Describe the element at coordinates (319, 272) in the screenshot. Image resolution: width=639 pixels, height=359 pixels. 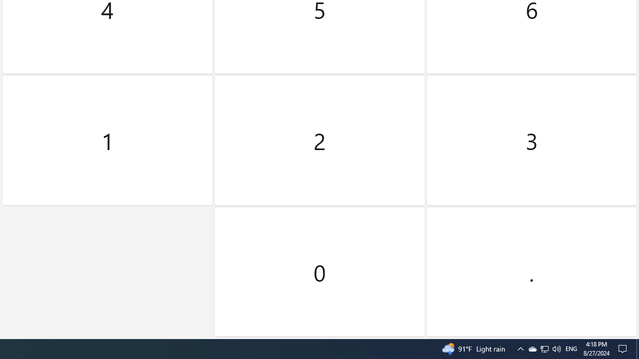
I see `'Zero'` at that location.